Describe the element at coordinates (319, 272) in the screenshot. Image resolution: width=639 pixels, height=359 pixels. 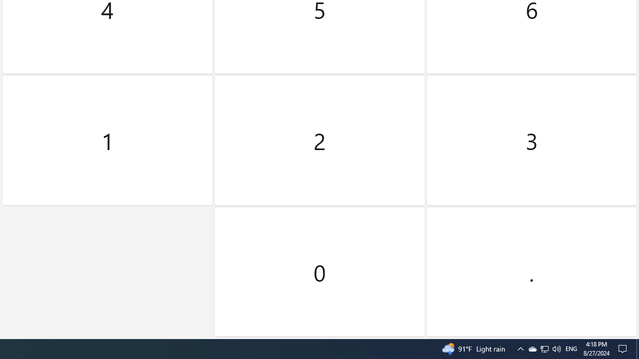
I see `'Zero'` at that location.